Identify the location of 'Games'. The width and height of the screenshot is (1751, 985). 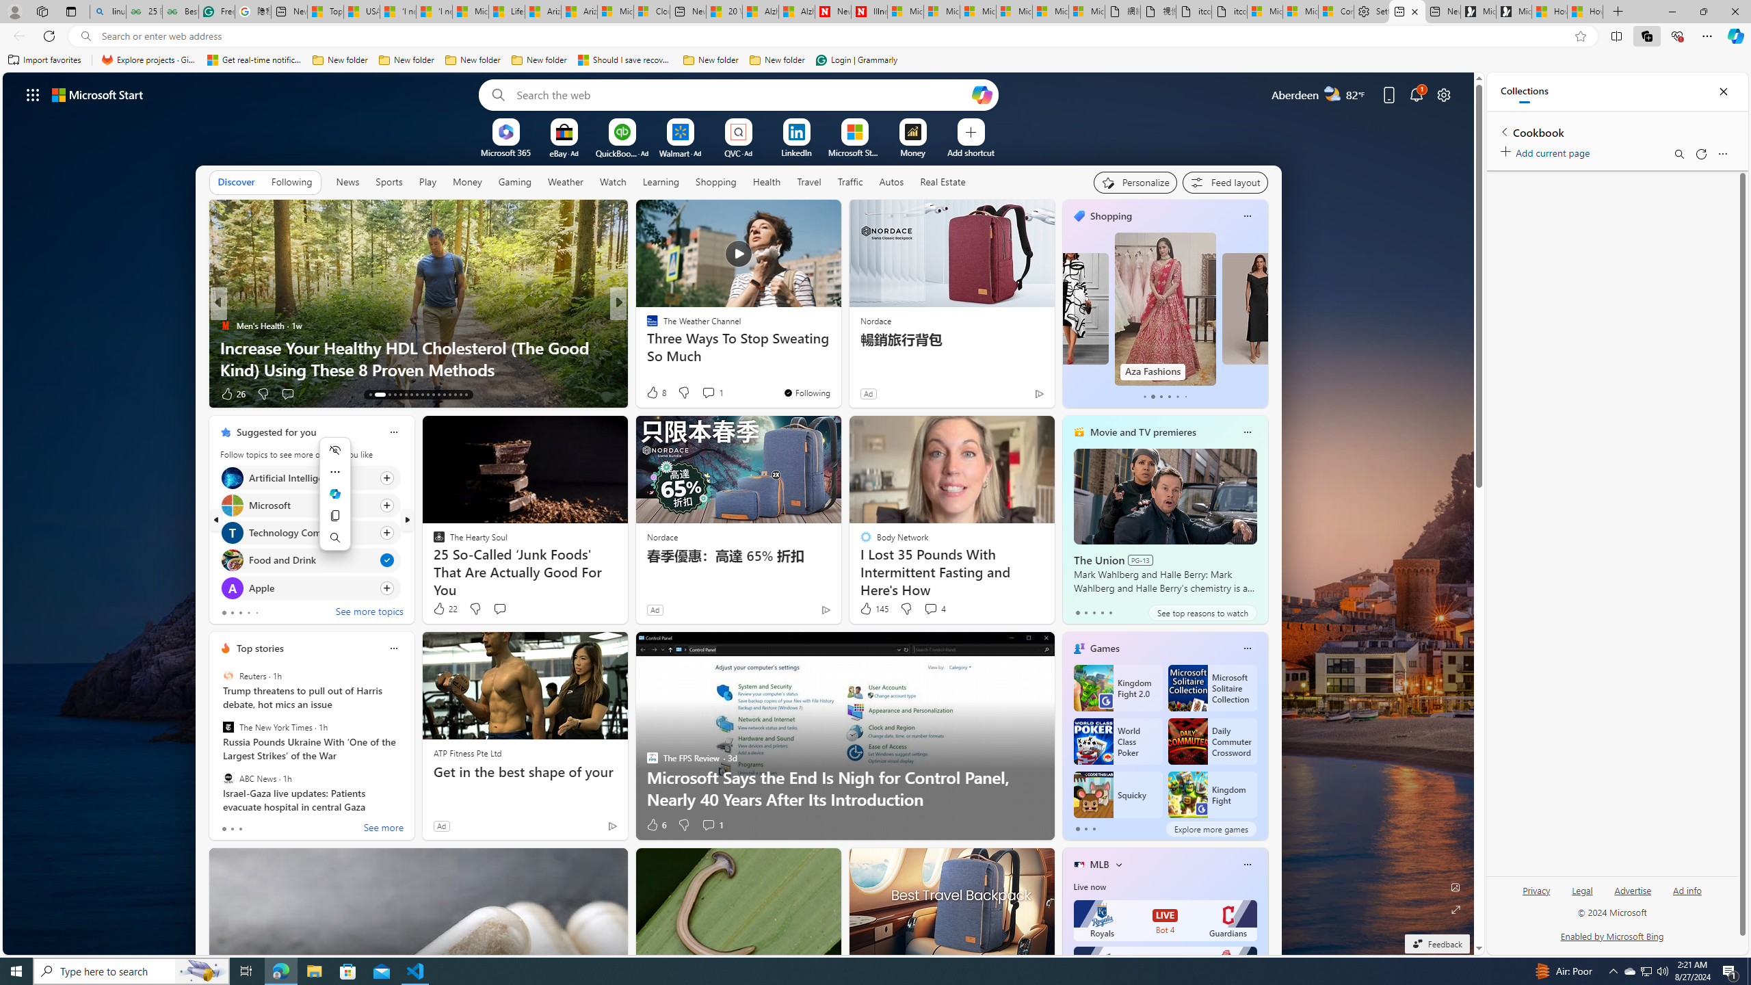
(1104, 648).